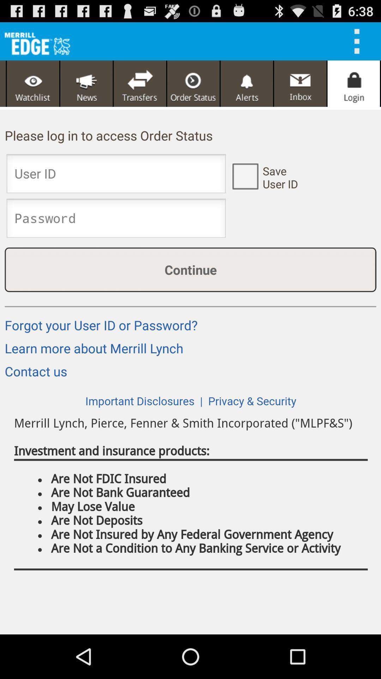  What do you see at coordinates (140, 83) in the screenshot?
I see `dada` at bounding box center [140, 83].